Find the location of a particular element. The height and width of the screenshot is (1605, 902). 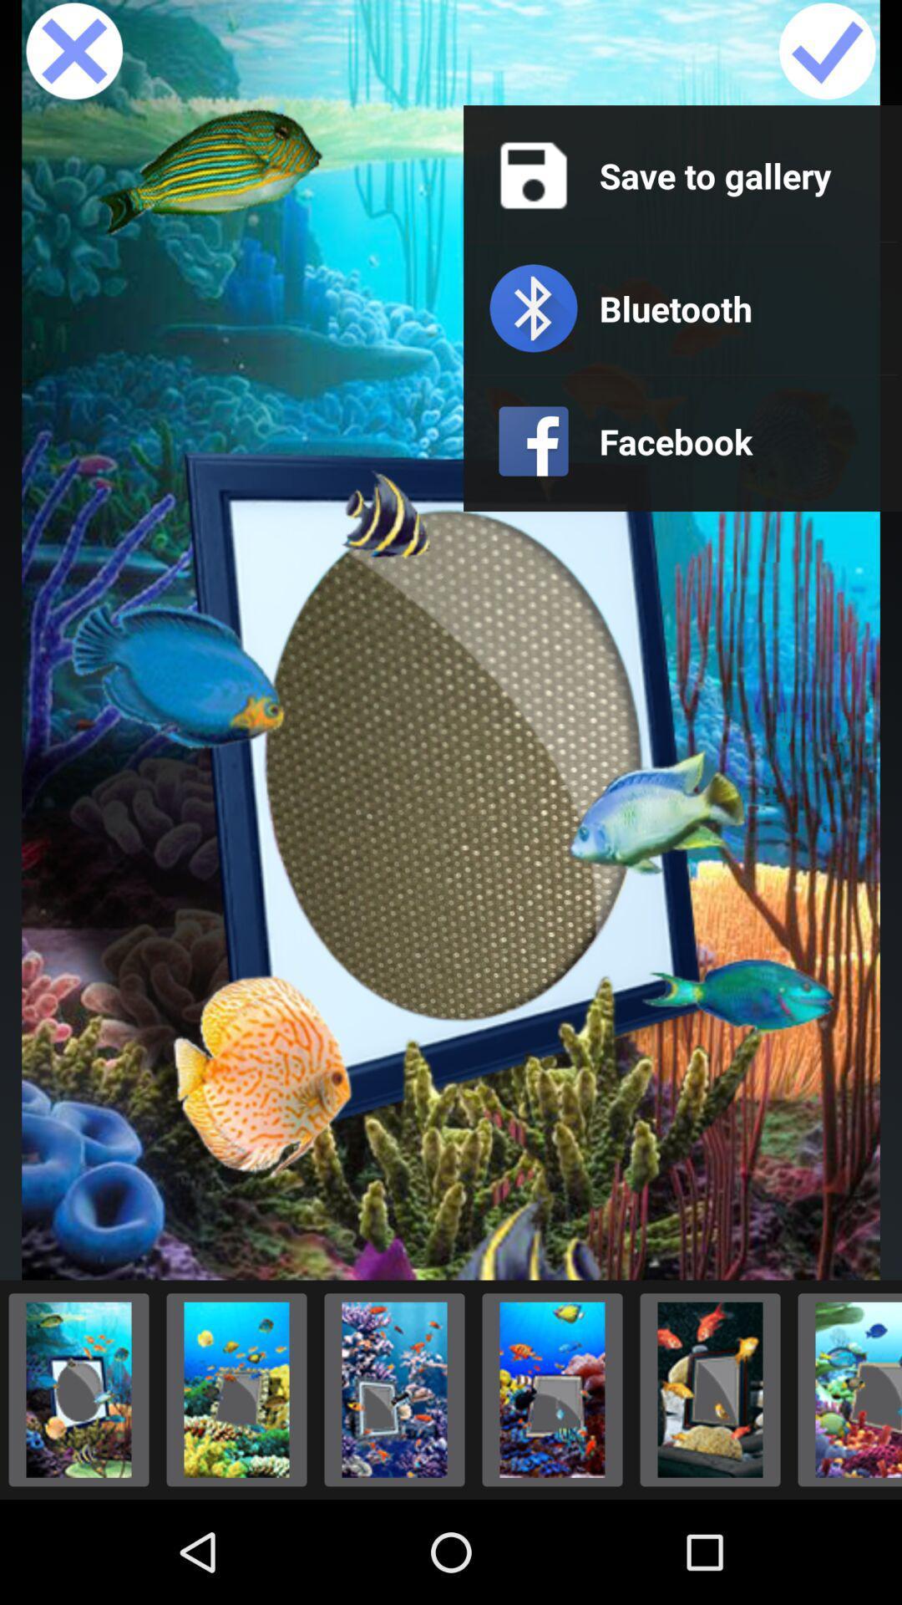

enlarge image is located at coordinates (552, 1389).